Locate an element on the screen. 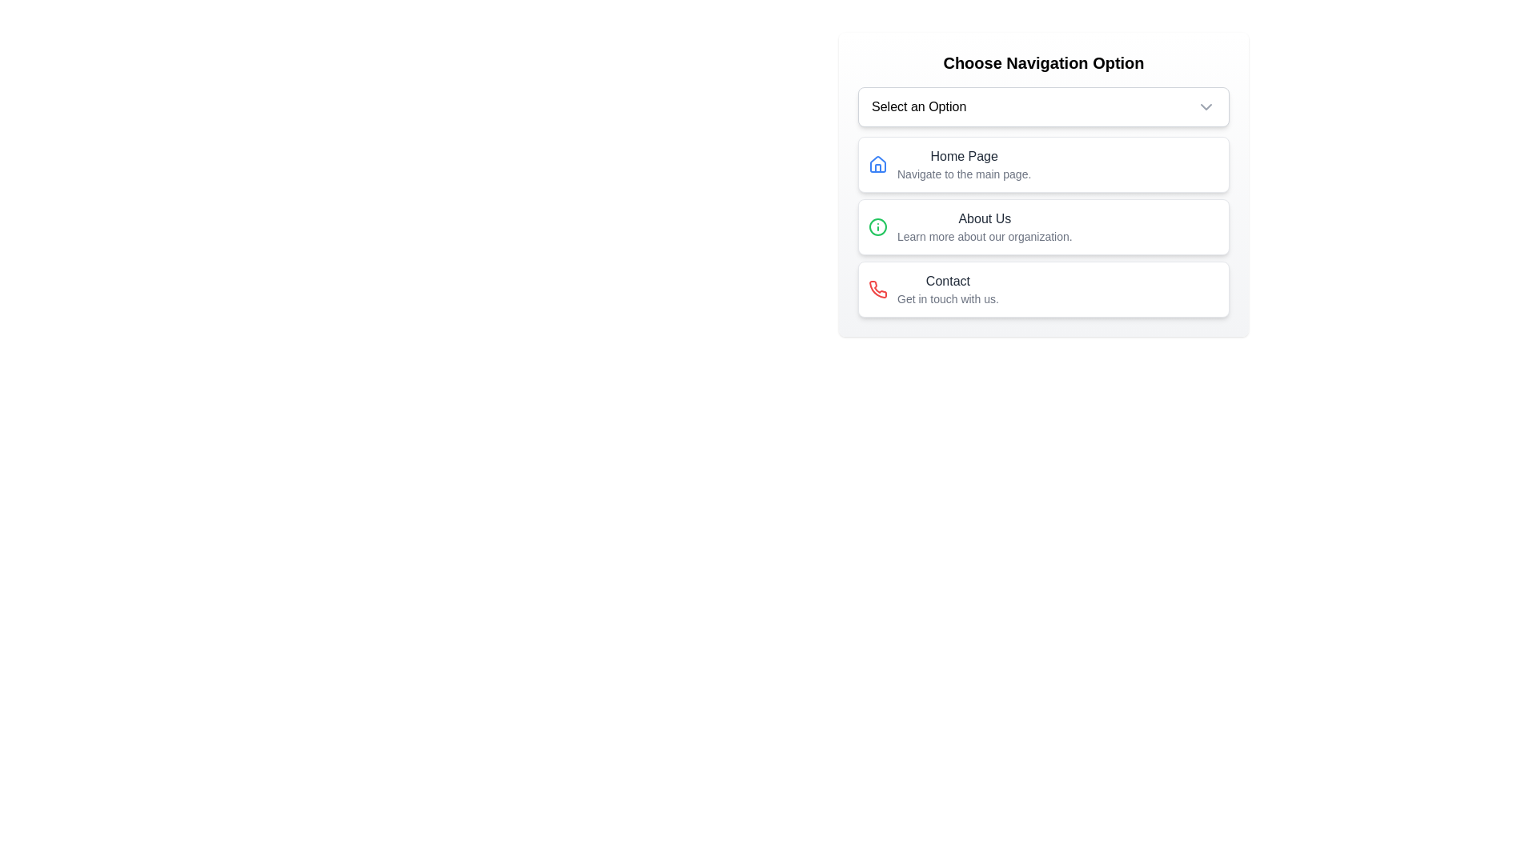 This screenshot has height=864, width=1537. text label that serves as a title or label for a navigation option, located in the third card of a vertical list of options, positioned below the 'About Us' card and above the 'Get in touch with us.' text, towards the right side of the card is located at coordinates (948, 280).